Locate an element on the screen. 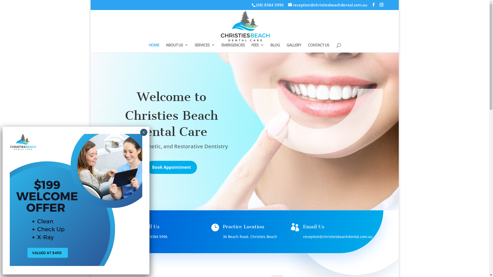 The width and height of the screenshot is (493, 277). 'BLOG' is located at coordinates (275, 48).